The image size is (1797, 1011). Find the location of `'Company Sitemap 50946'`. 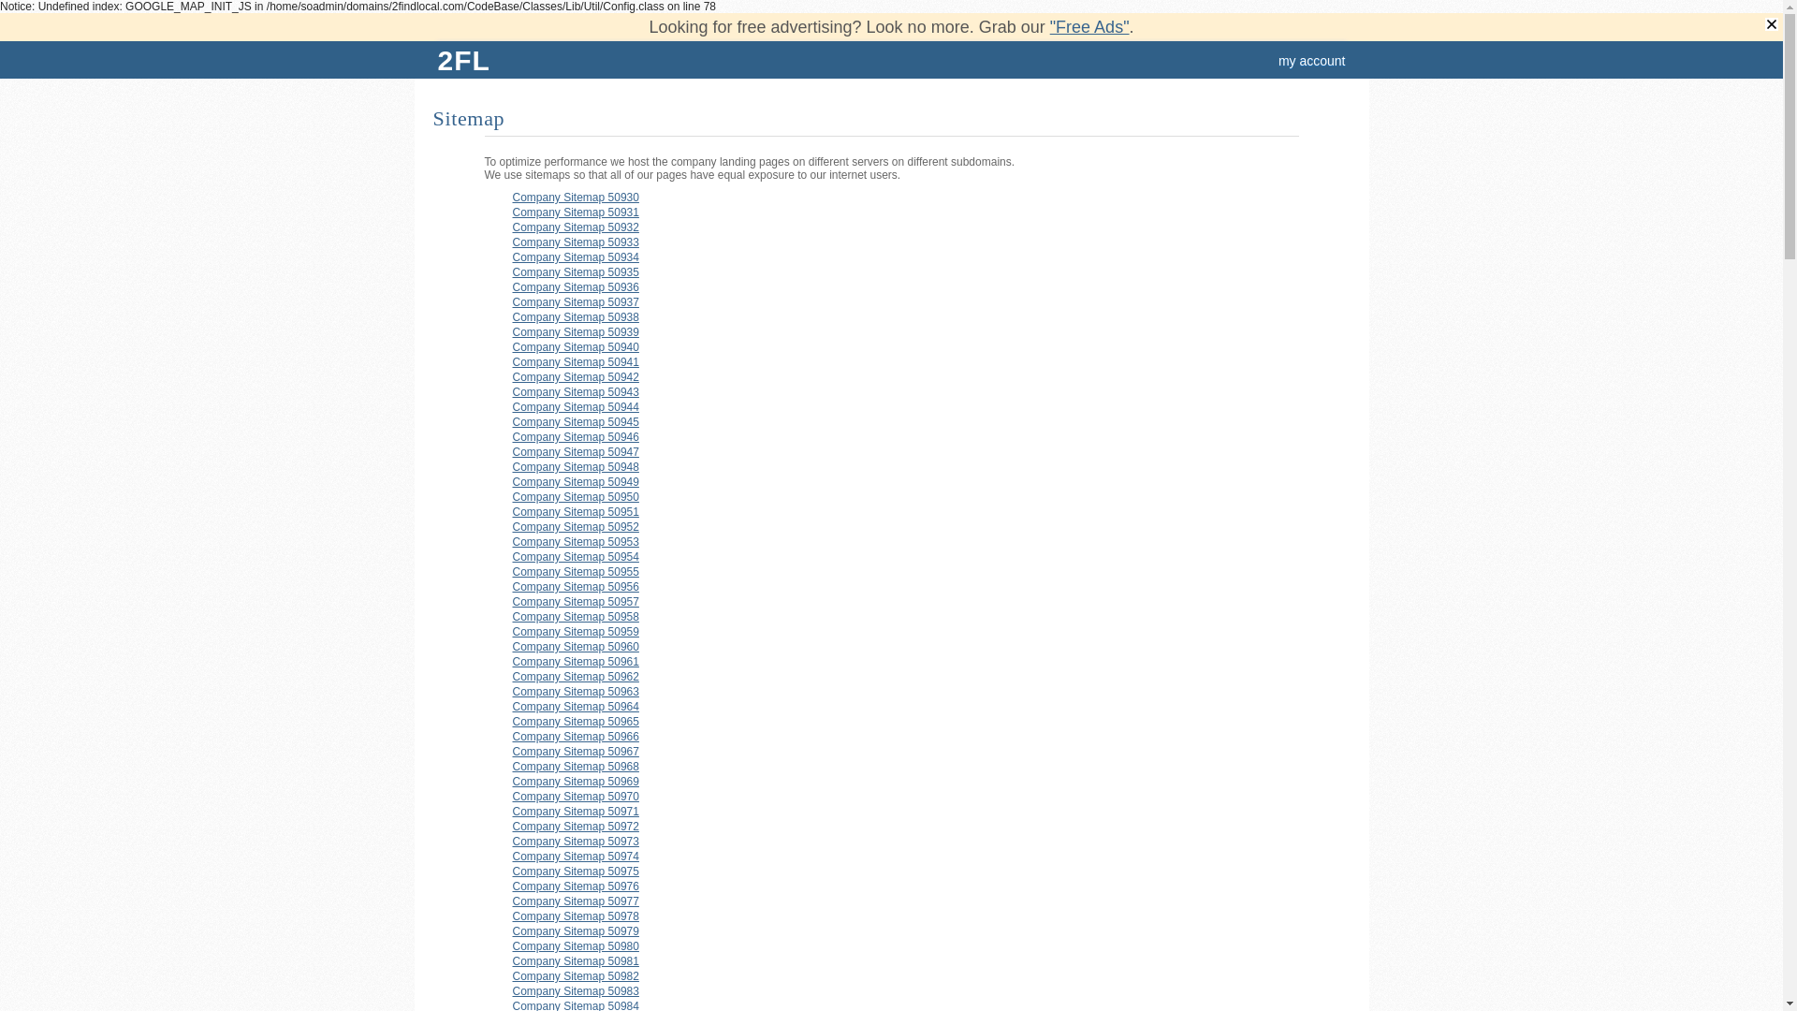

'Company Sitemap 50946' is located at coordinates (575, 436).